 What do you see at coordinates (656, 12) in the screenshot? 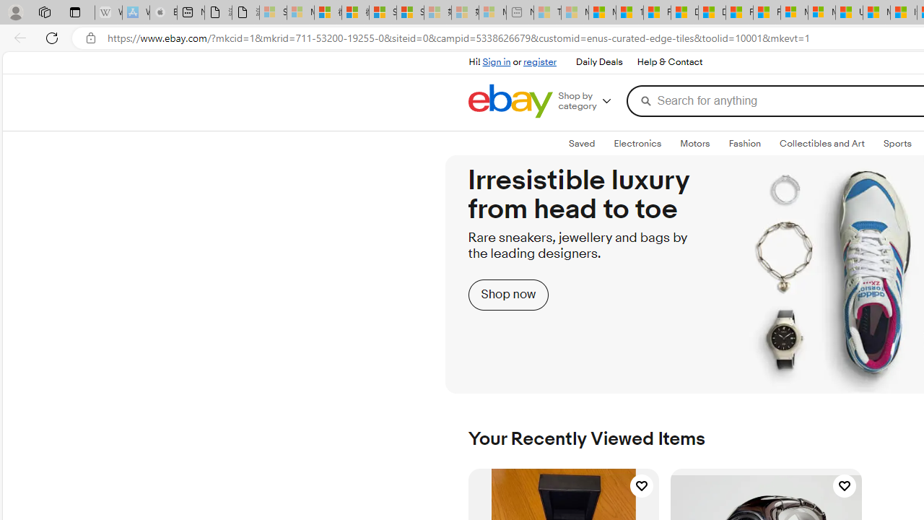
I see `'Food and Drink - MSN'` at bounding box center [656, 12].